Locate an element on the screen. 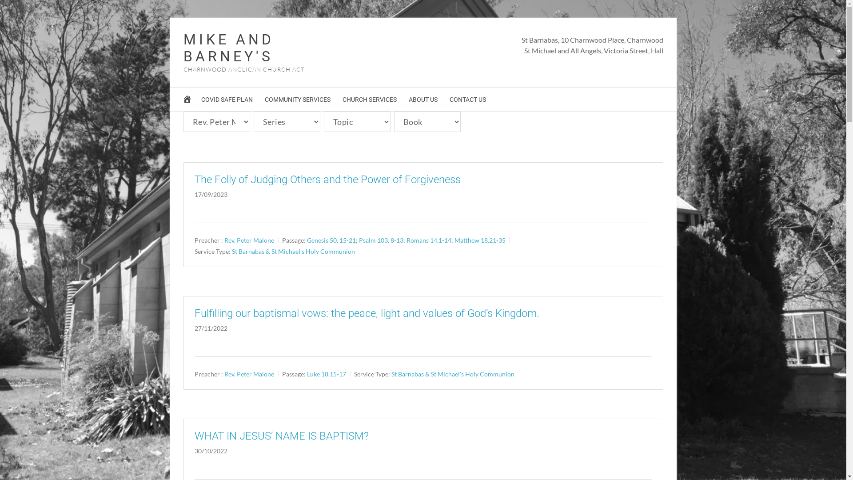  'Rev. Peter Malone' is located at coordinates (224, 374).